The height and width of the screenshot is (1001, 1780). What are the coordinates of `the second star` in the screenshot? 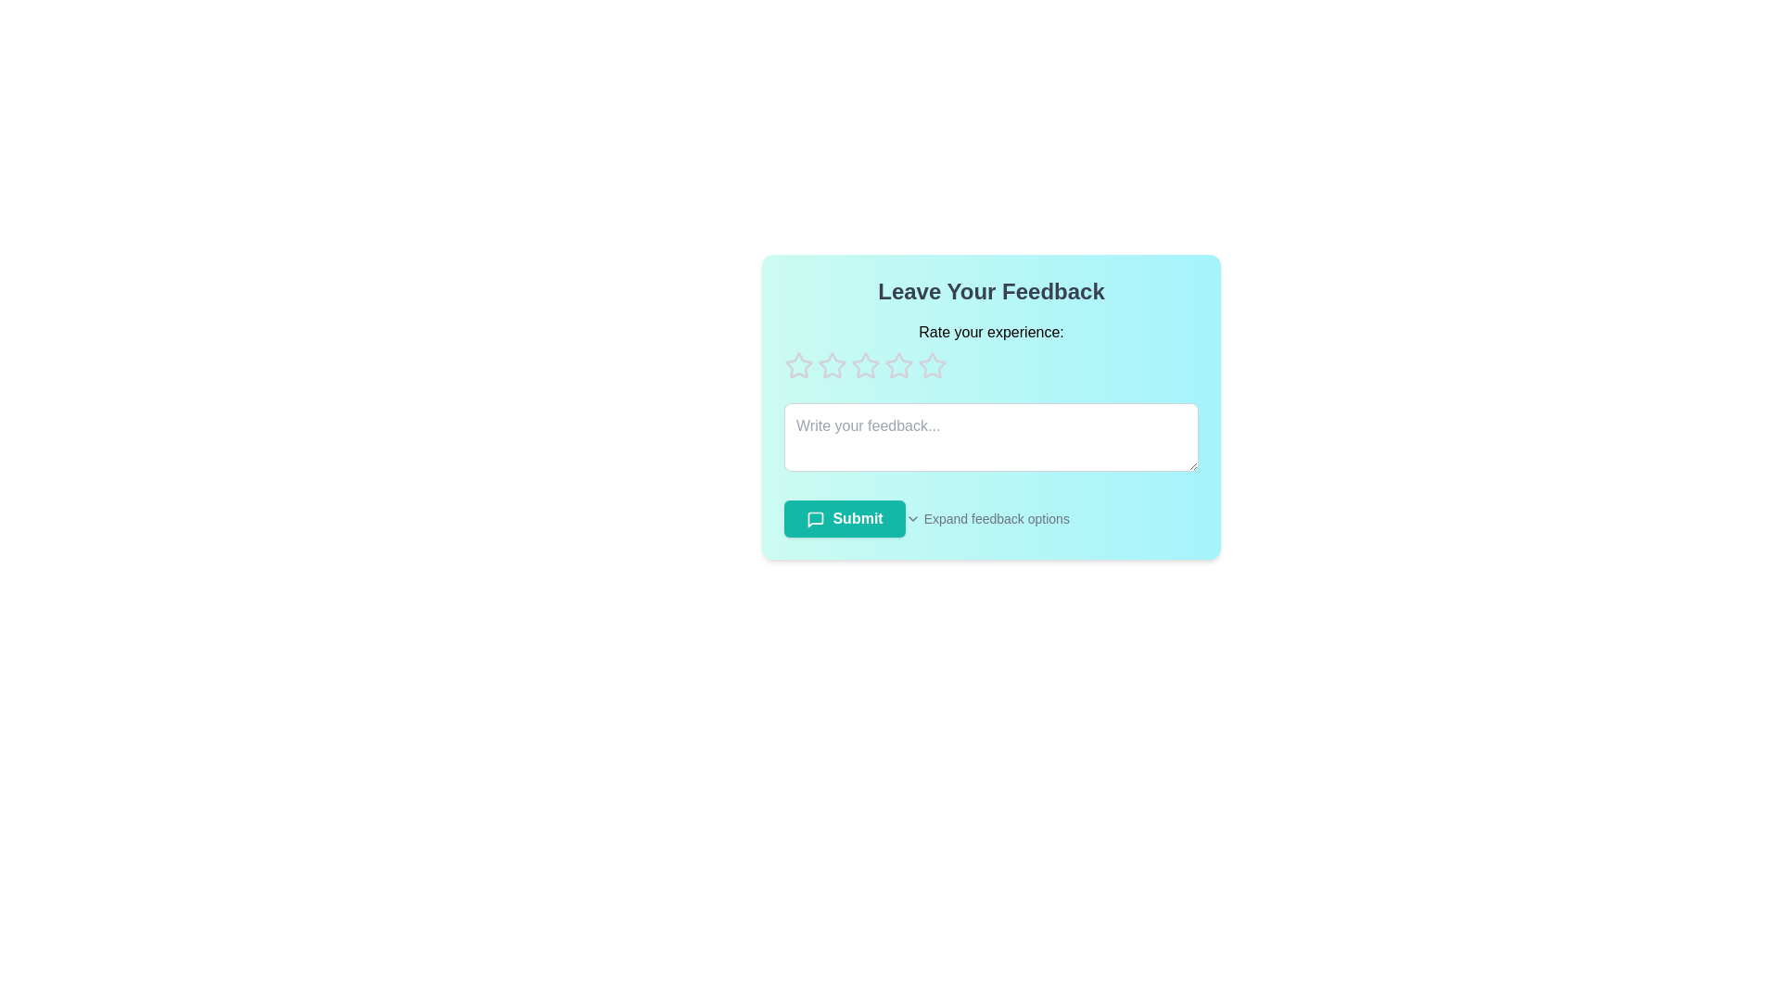 It's located at (831, 365).